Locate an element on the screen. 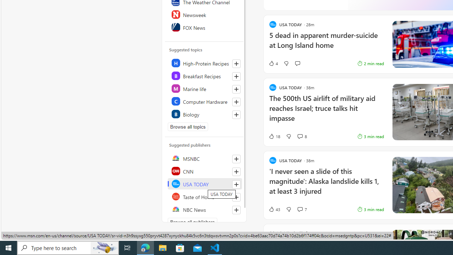  'View comments 7 Comment' is located at coordinates (300, 209).